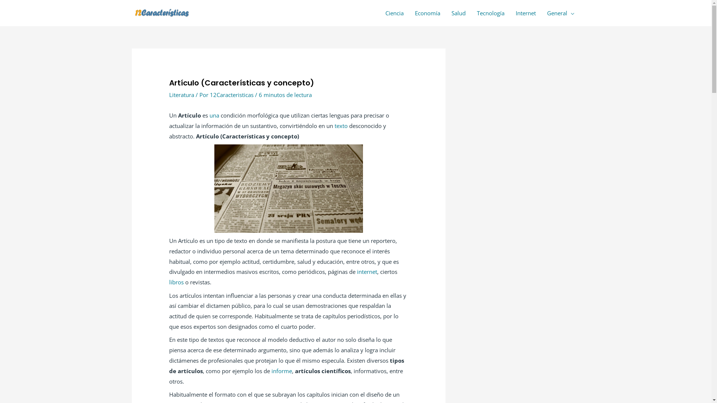 Image resolution: width=717 pixels, height=403 pixels. Describe the element at coordinates (561, 13) in the screenshot. I see `'General'` at that location.